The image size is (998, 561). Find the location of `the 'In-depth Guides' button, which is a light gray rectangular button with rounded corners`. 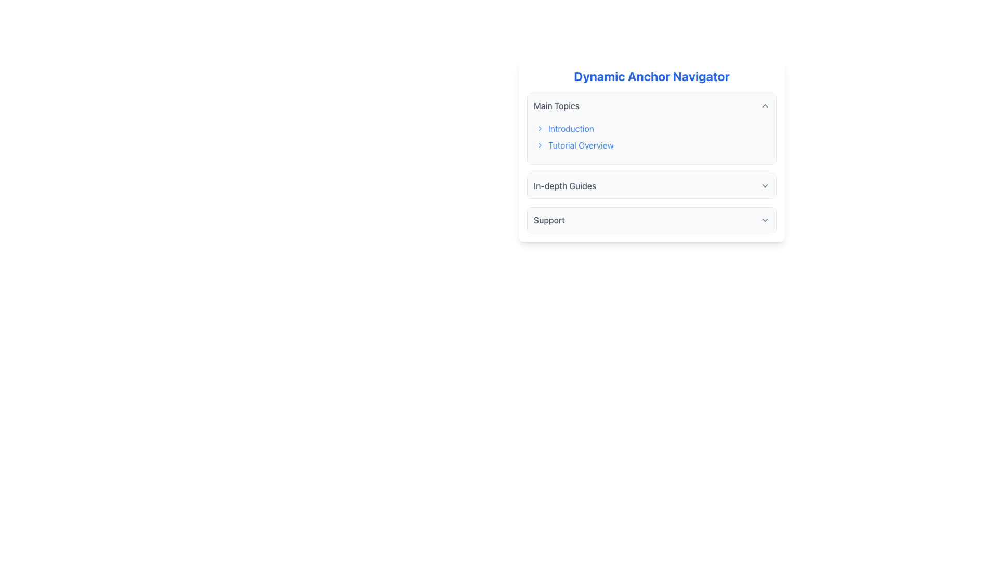

the 'In-depth Guides' button, which is a light gray rectangular button with rounded corners is located at coordinates (651, 185).